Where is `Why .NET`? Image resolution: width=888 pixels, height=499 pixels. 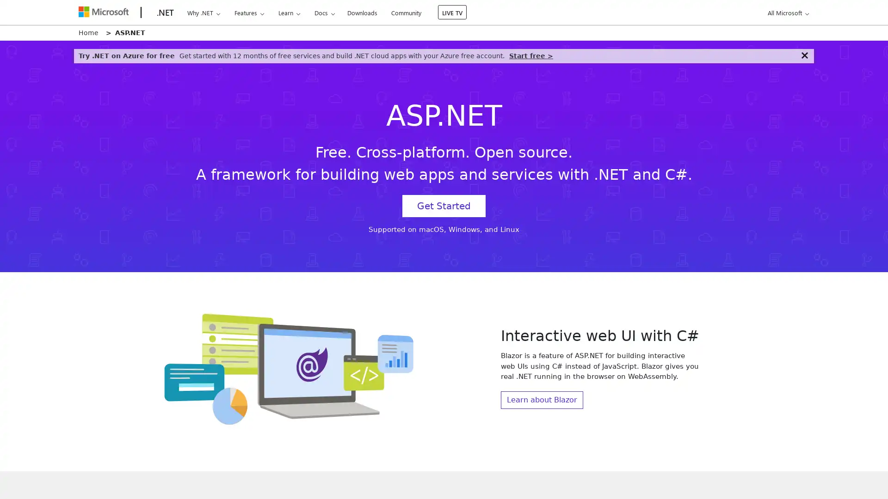
Why .NET is located at coordinates (203, 12).